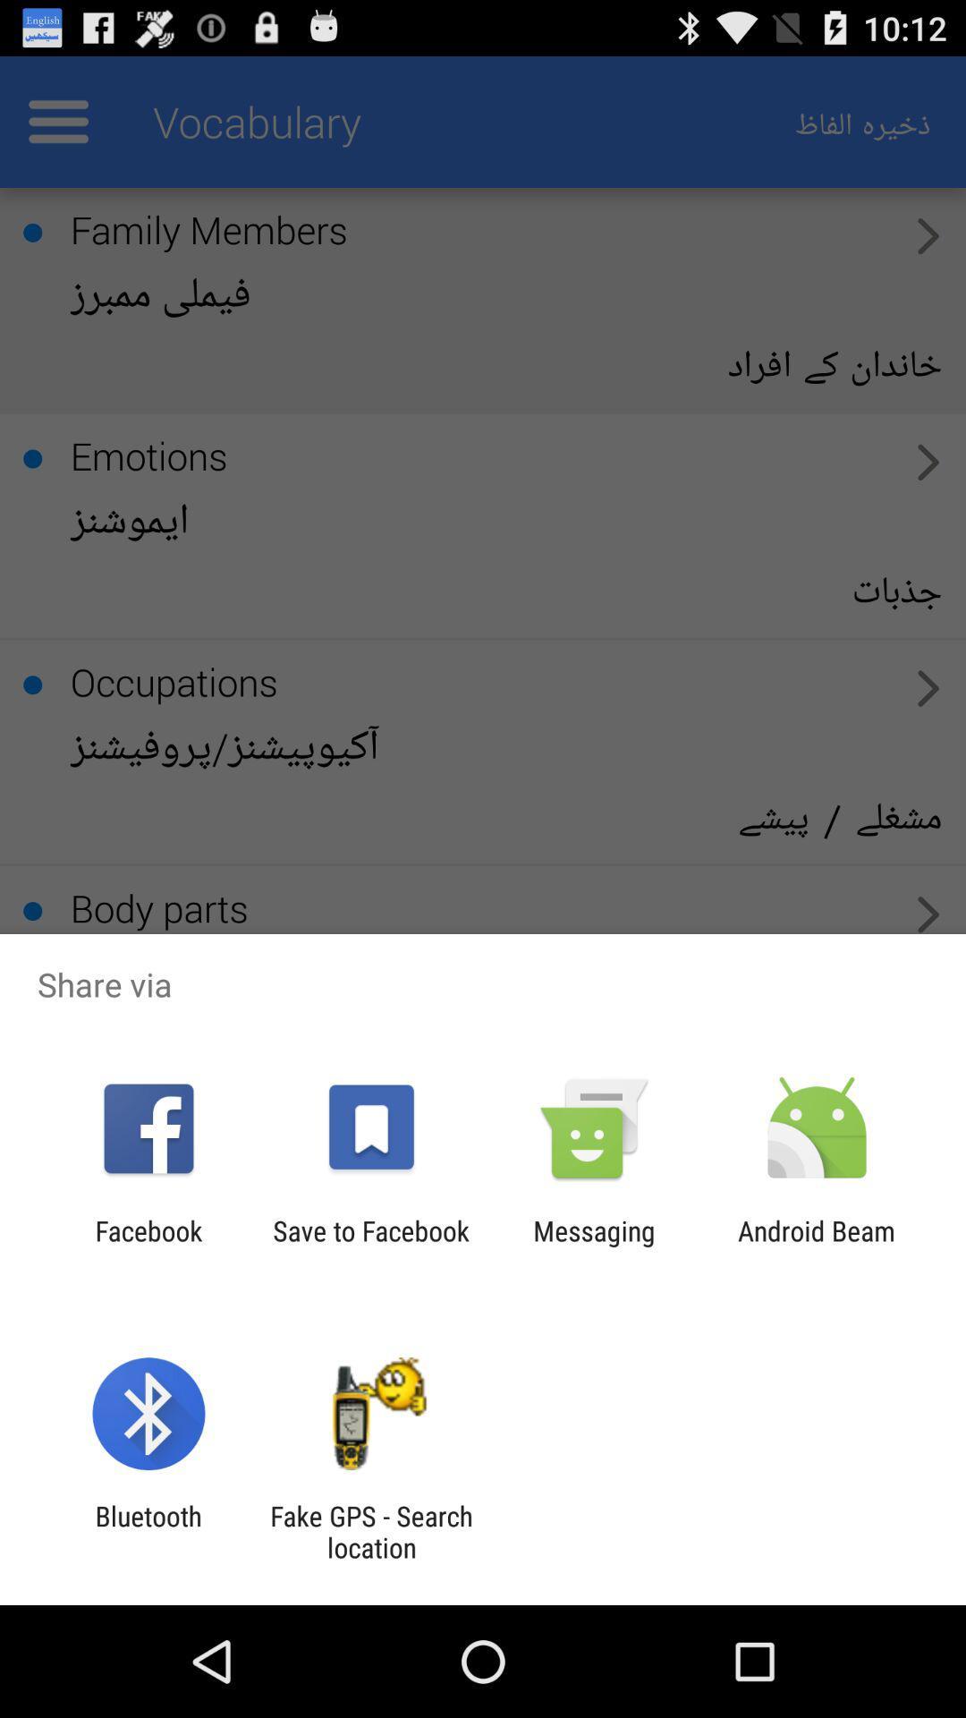  What do you see at coordinates (594, 1246) in the screenshot?
I see `the item next to save to facebook item` at bounding box center [594, 1246].